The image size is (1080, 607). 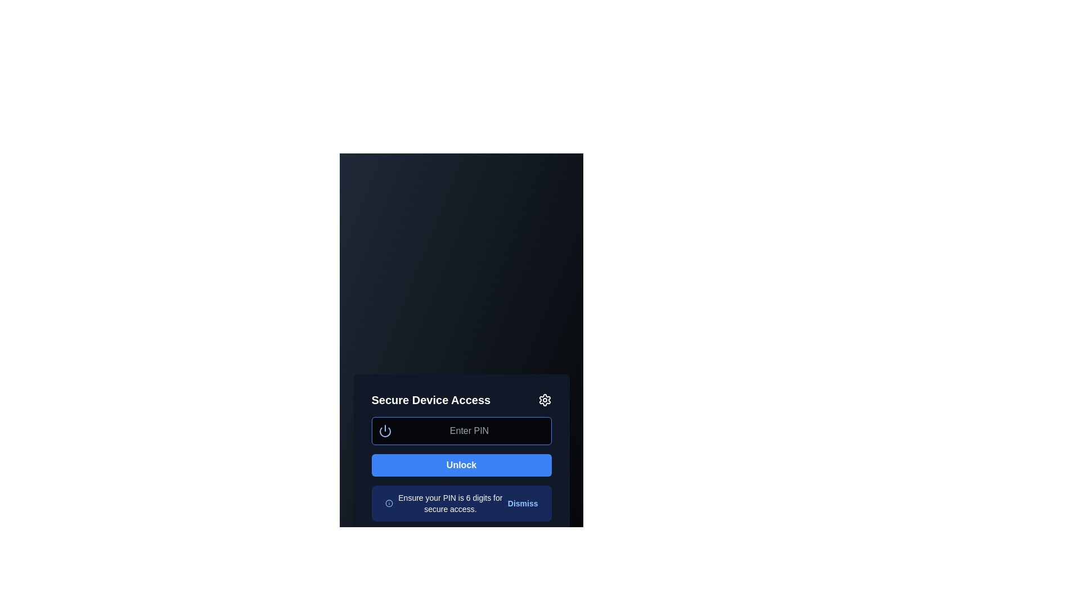 What do you see at coordinates (461, 465) in the screenshot?
I see `the 'Unlock' button with white text on a blue background, located centrally below the PIN text field in the 'Secure Device Access' section` at bounding box center [461, 465].